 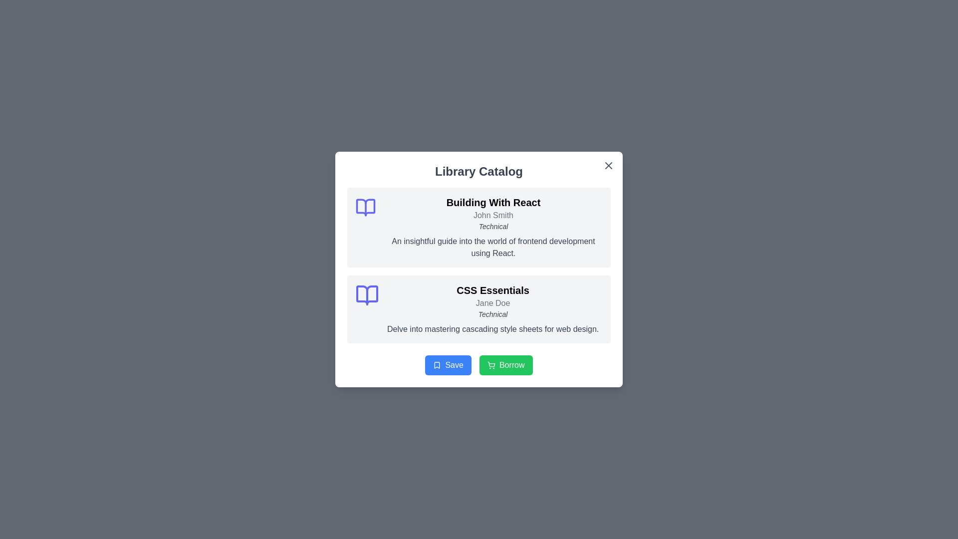 What do you see at coordinates (366, 294) in the screenshot?
I see `the graphical icon styled as an open book located in the 'Library Catalog' interface, specifically to the left of the 'CSS Essentials' book title for contextual information` at bounding box center [366, 294].